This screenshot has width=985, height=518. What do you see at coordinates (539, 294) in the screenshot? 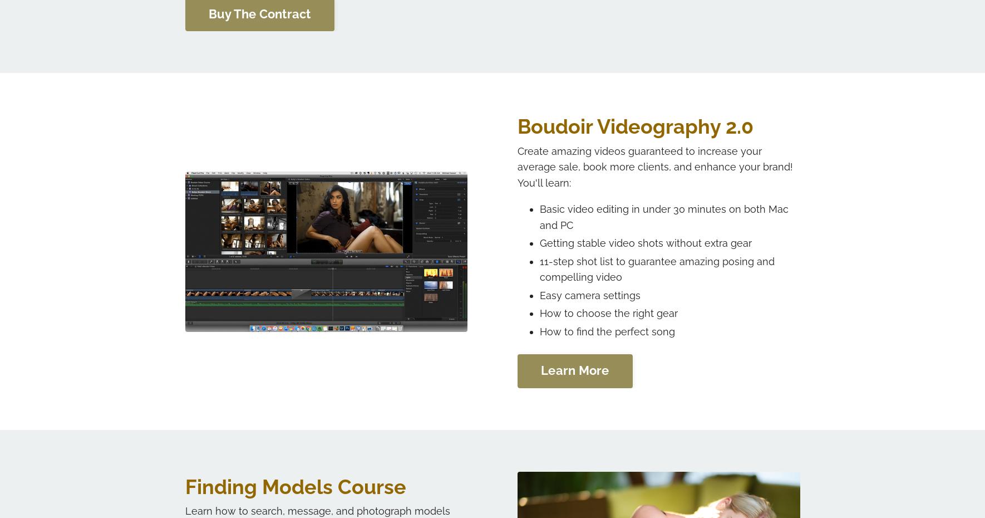
I see `'Easy camera settings'` at bounding box center [539, 294].